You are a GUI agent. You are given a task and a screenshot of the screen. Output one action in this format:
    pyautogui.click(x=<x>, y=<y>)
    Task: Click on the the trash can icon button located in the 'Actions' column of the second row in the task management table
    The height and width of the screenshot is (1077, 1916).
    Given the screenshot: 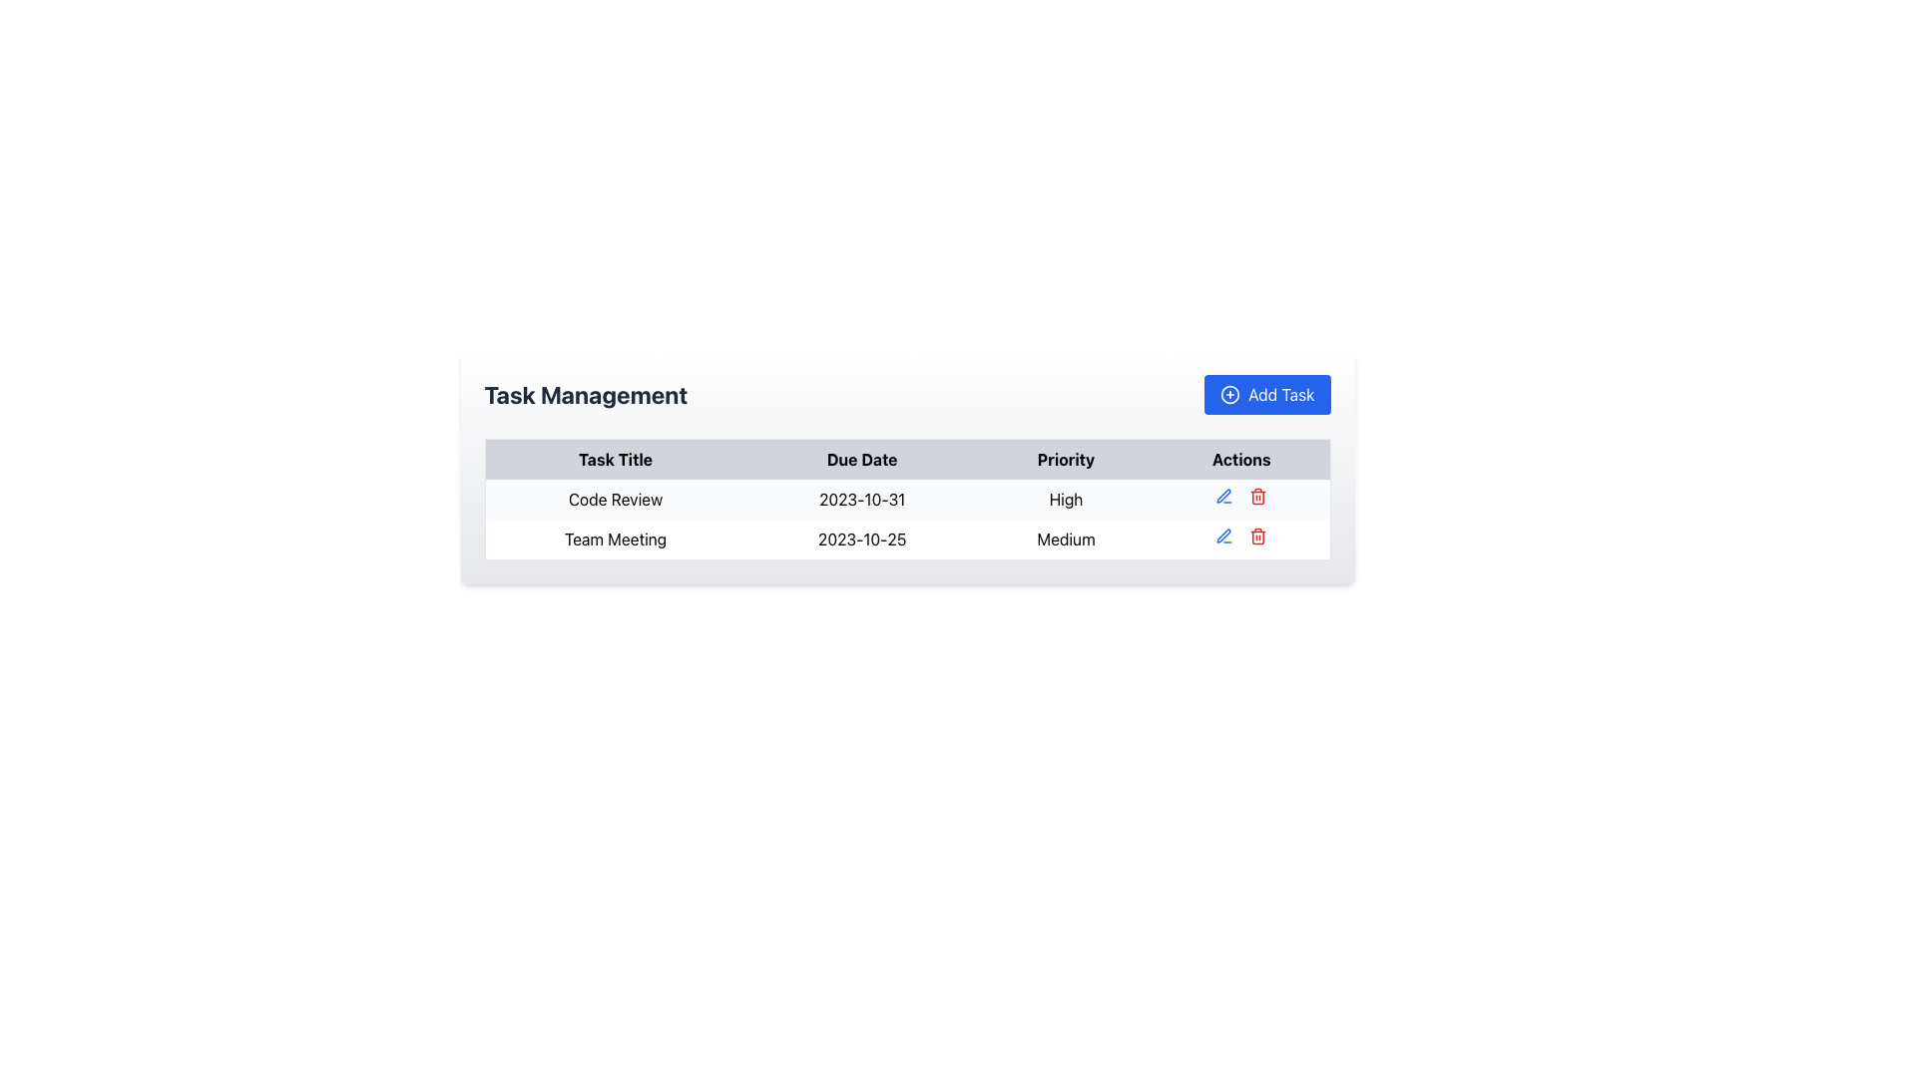 What is the action you would take?
    pyautogui.click(x=1257, y=535)
    